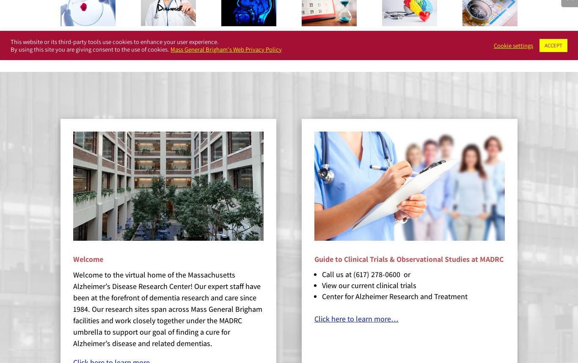 This screenshot has width=578, height=363. Describe the element at coordinates (168, 44) in the screenshot. I see `'Diagnosis'` at that location.